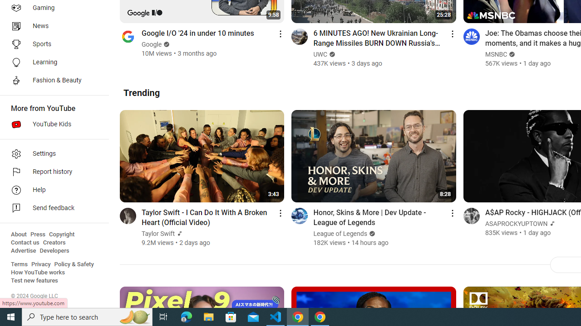 The height and width of the screenshot is (326, 581). What do you see at coordinates (51, 190) in the screenshot?
I see `'Help'` at bounding box center [51, 190].